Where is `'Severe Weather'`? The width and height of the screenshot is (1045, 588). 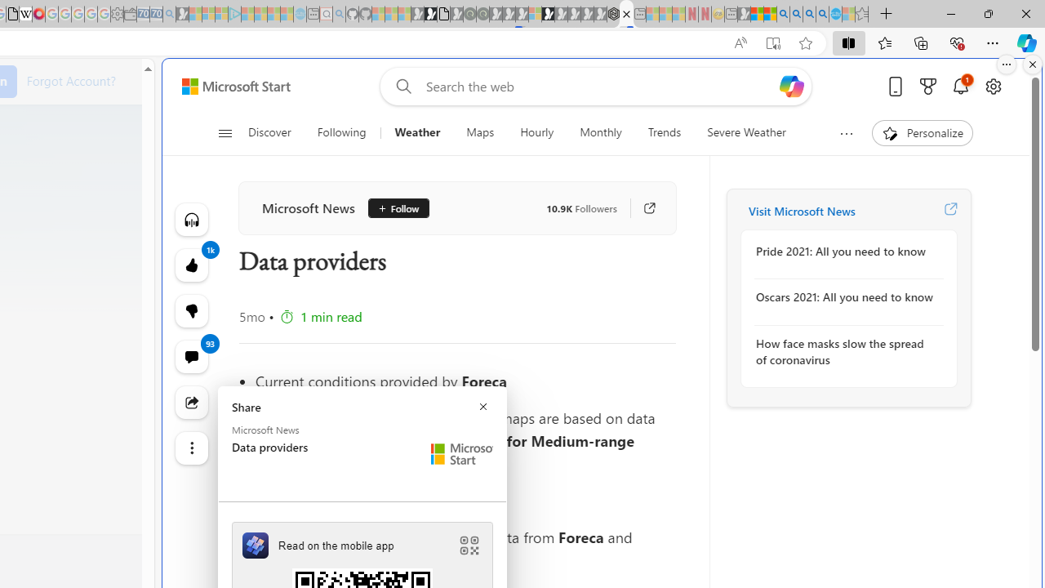 'Severe Weather' is located at coordinates (745, 132).